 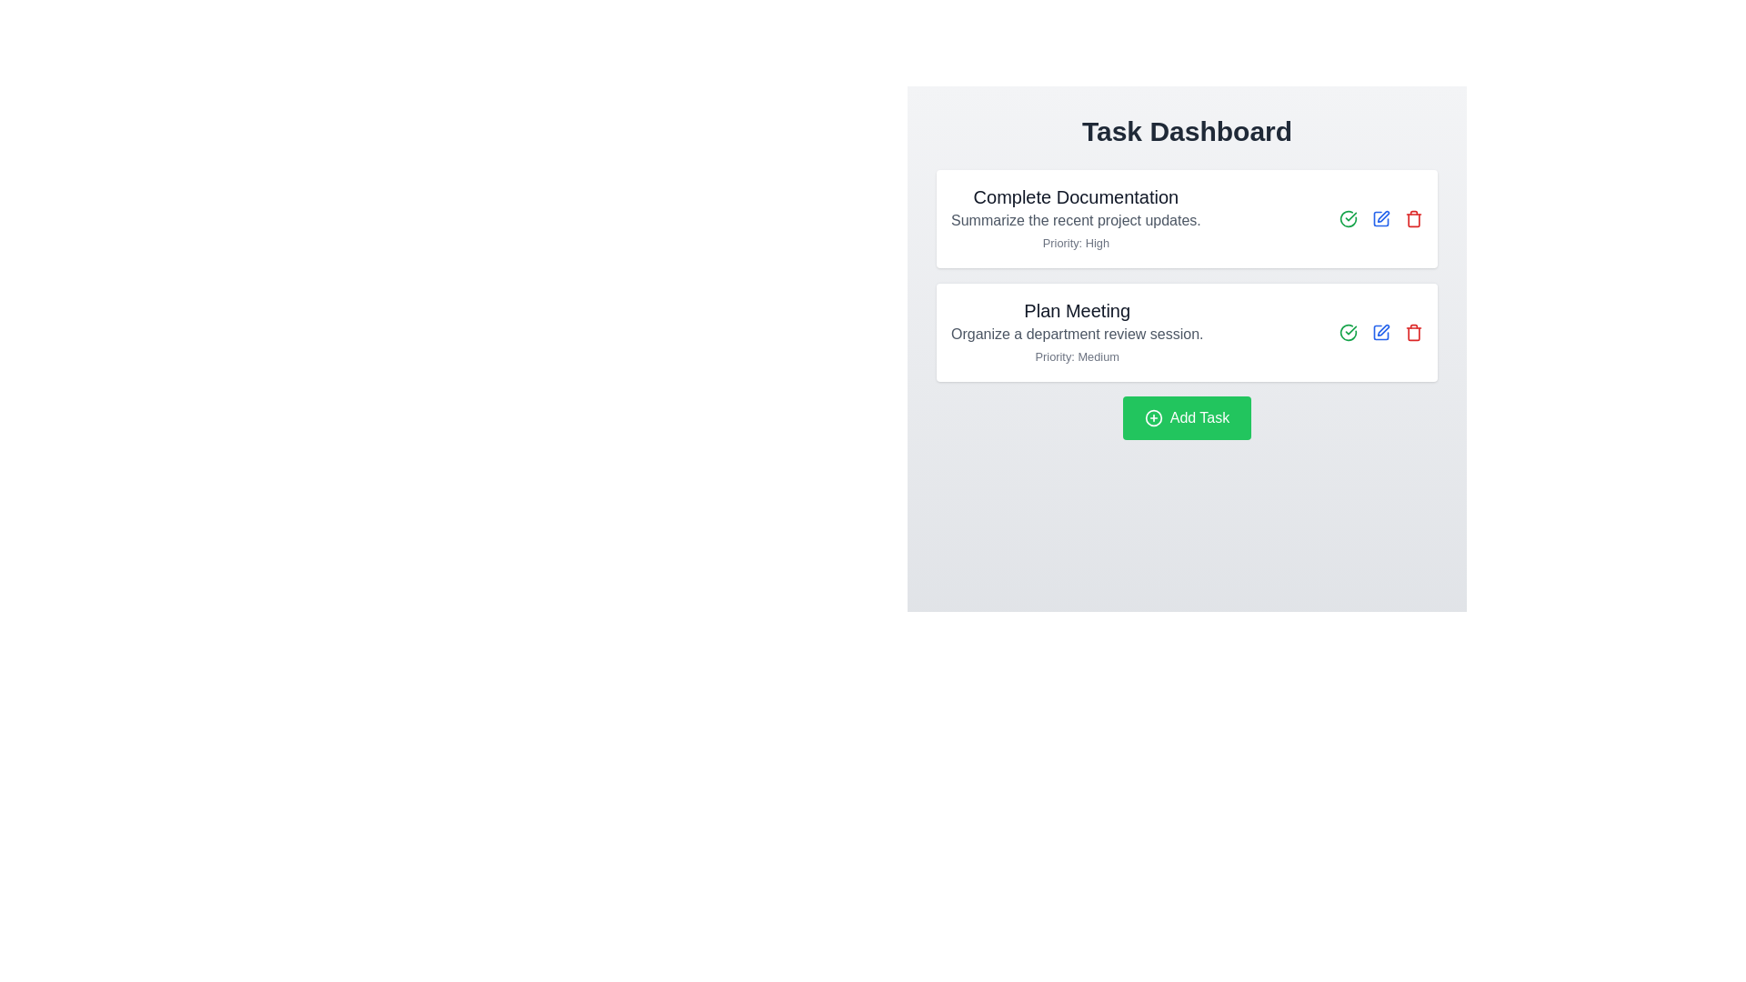 I want to click on the 'Add Task' button, which is a green rectangular button with rounded corners, featuring white text and a plus sign icon, located below two task cards, so click(x=1187, y=417).